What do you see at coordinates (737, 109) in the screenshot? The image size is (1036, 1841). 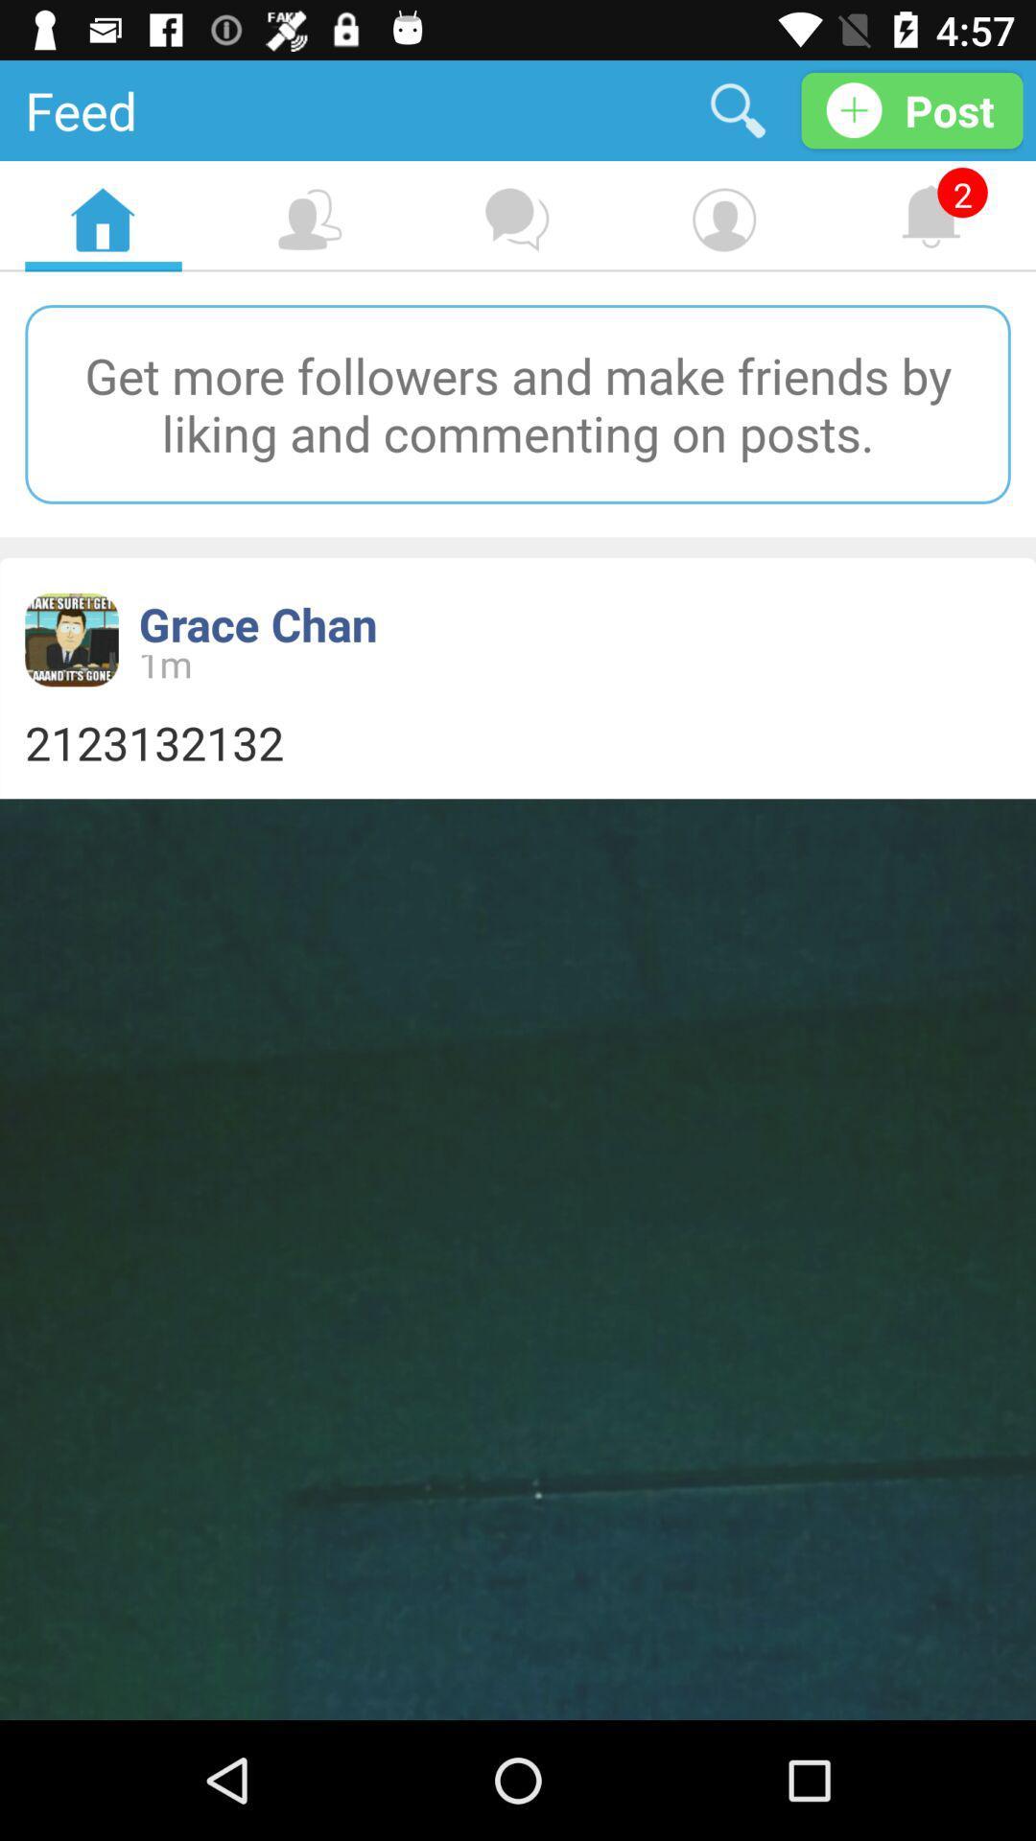 I see `the item next to post` at bounding box center [737, 109].